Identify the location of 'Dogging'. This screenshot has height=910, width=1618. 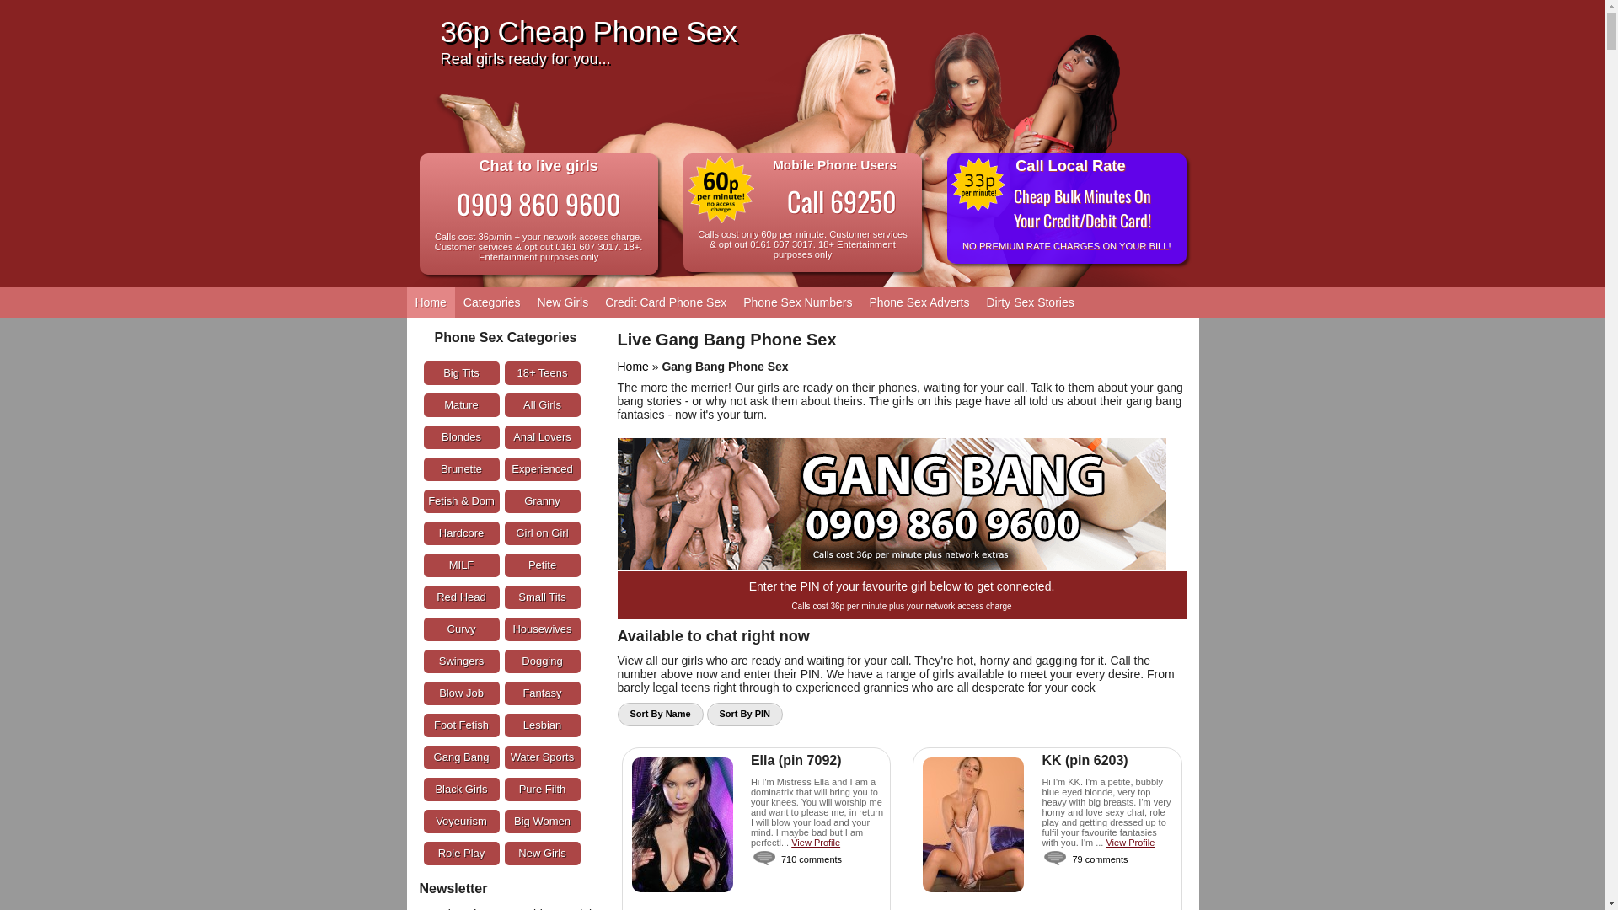
(542, 661).